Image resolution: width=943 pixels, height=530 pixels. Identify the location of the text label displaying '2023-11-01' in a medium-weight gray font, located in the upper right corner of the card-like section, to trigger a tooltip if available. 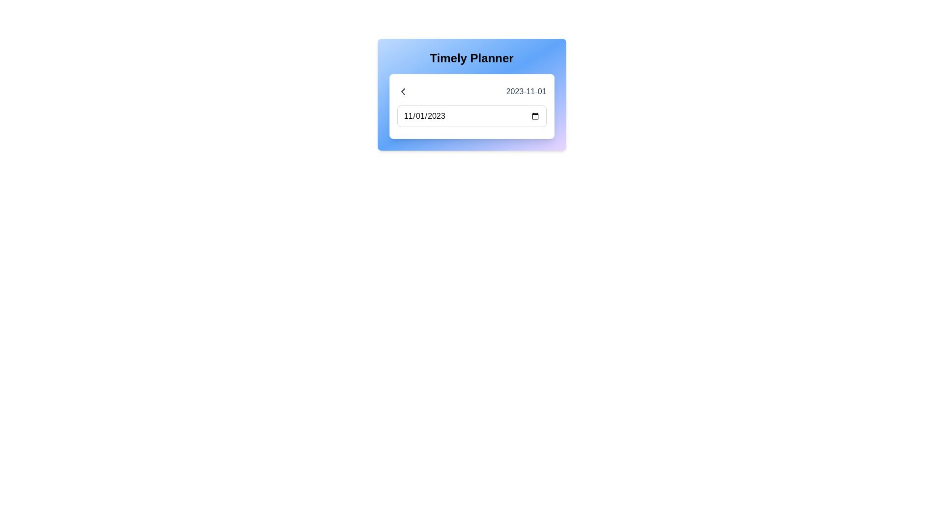
(526, 91).